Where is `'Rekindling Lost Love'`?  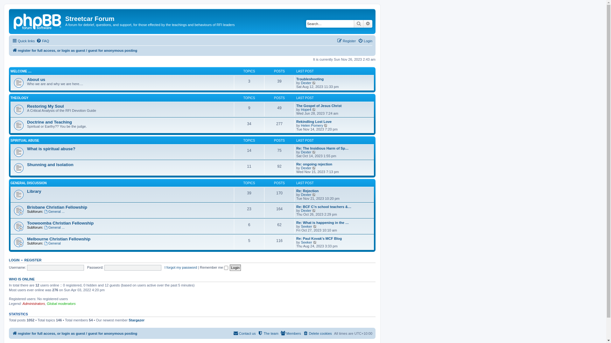
'Rekindling Lost Love' is located at coordinates (314, 121).